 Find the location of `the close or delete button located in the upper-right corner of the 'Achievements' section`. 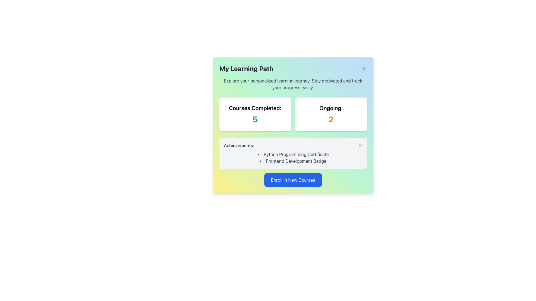

the close or delete button located in the upper-right corner of the 'Achievements' section is located at coordinates (360, 145).